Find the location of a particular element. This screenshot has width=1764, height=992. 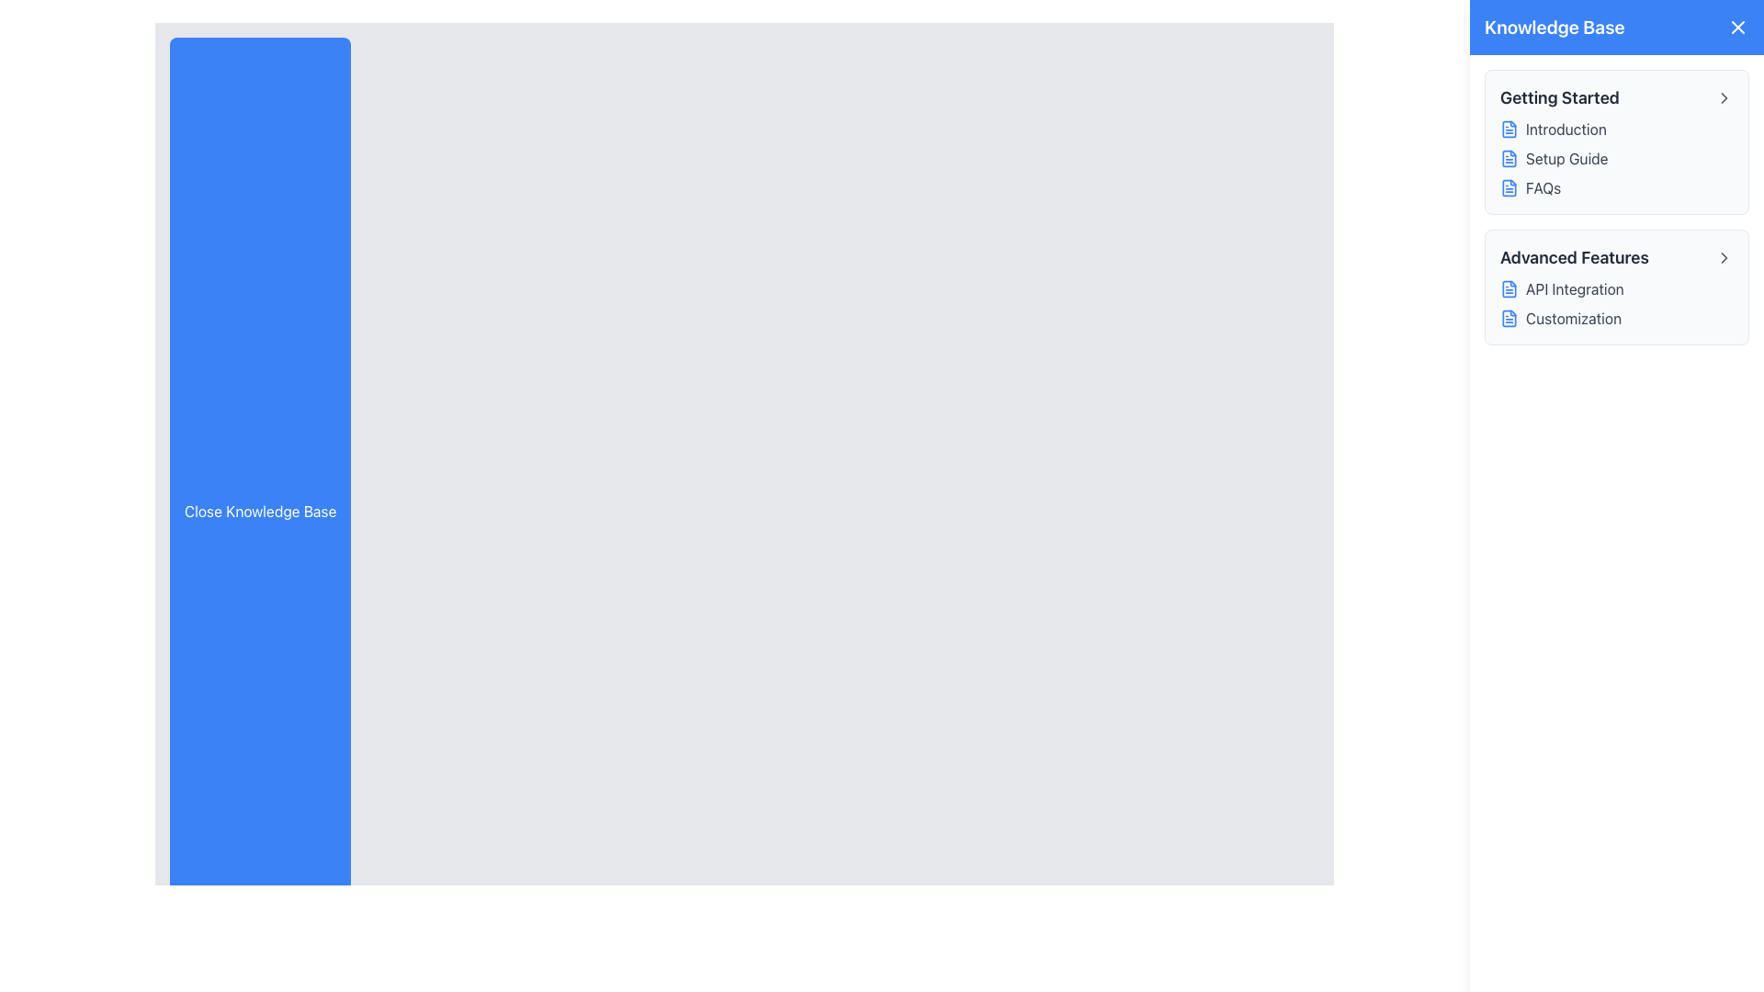

the document icon representing the 'Introduction' entry in the 'Knowledge Base' navigation, located in the right panel under the 'Getting Started' section is located at coordinates (1509, 129).